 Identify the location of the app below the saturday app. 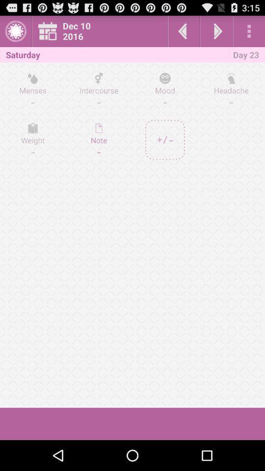
(33, 90).